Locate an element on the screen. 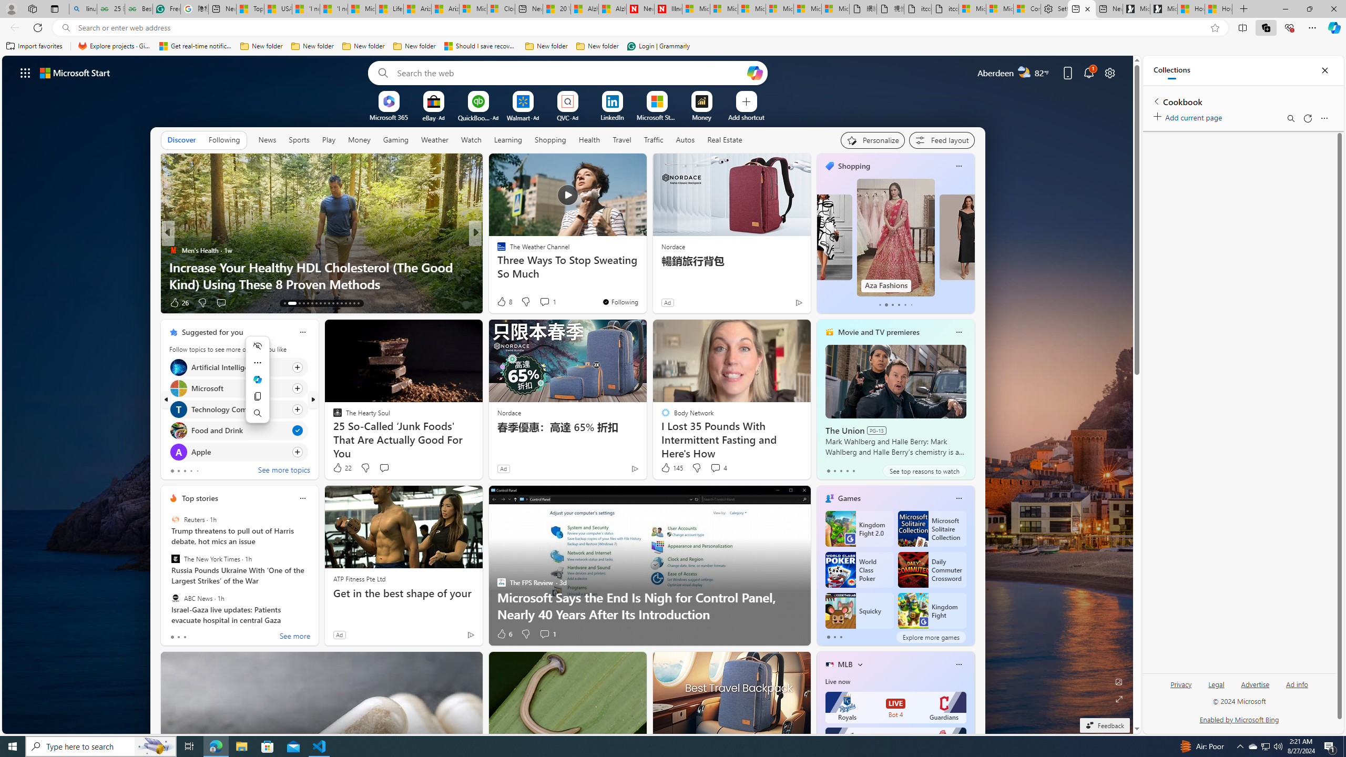 This screenshot has height=757, width=1346. 'Expand background' is located at coordinates (1118, 699).